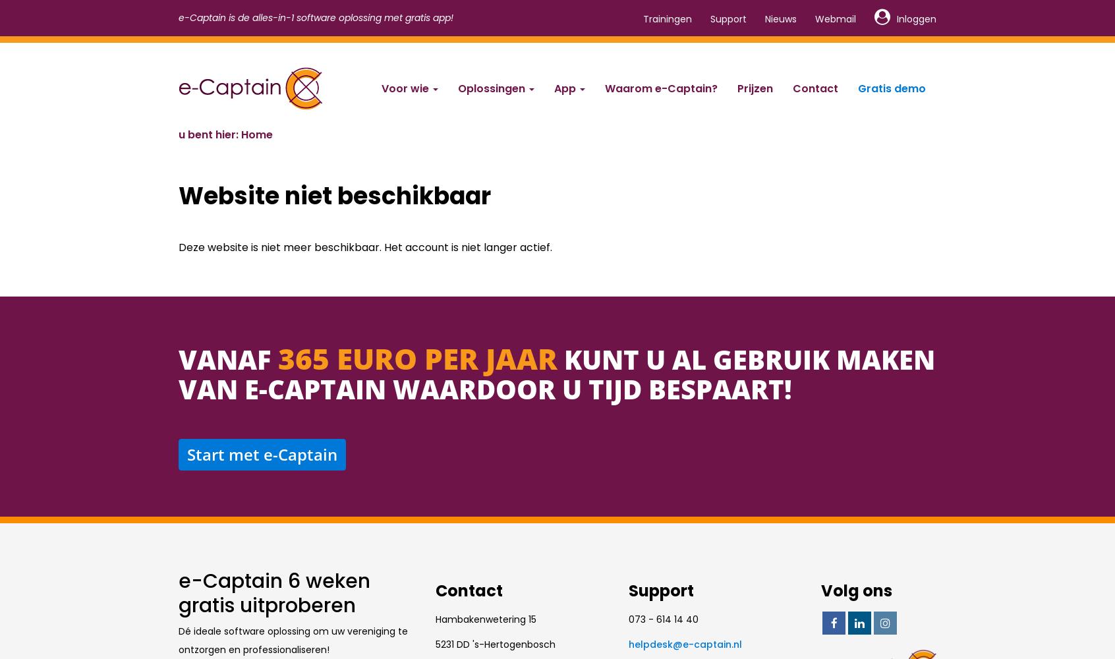  I want to click on 'ksedpleh', so click(650, 643).